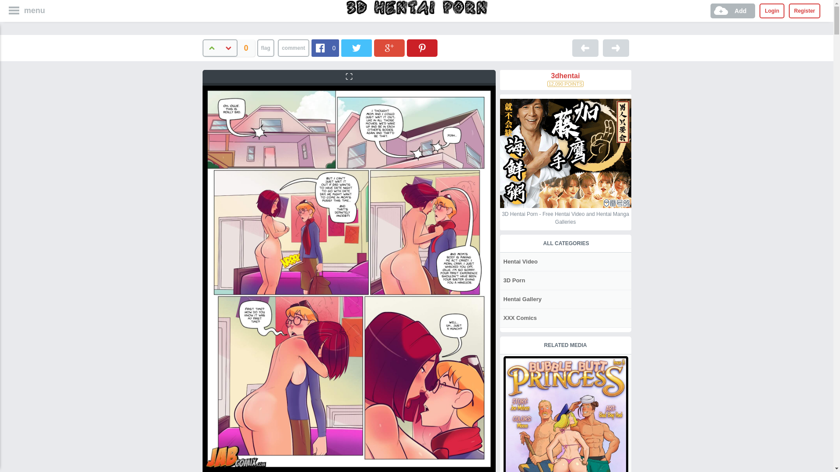 The height and width of the screenshot is (472, 840). I want to click on 'flag', so click(265, 48).